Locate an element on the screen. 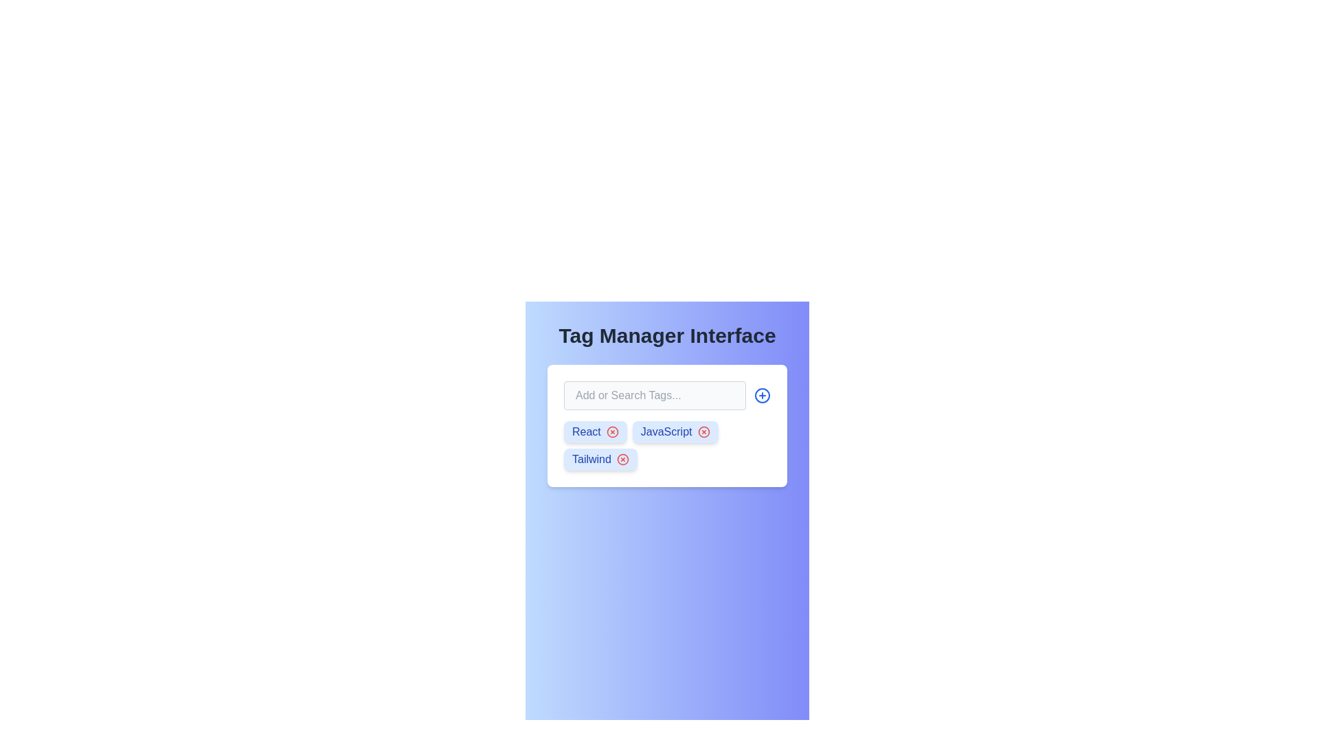  the circular shape with a 10px radius, part of the 'X' icon used for deletion functionality, located in the bottom row of the 'Tailwind' tag card is located at coordinates (622, 459).